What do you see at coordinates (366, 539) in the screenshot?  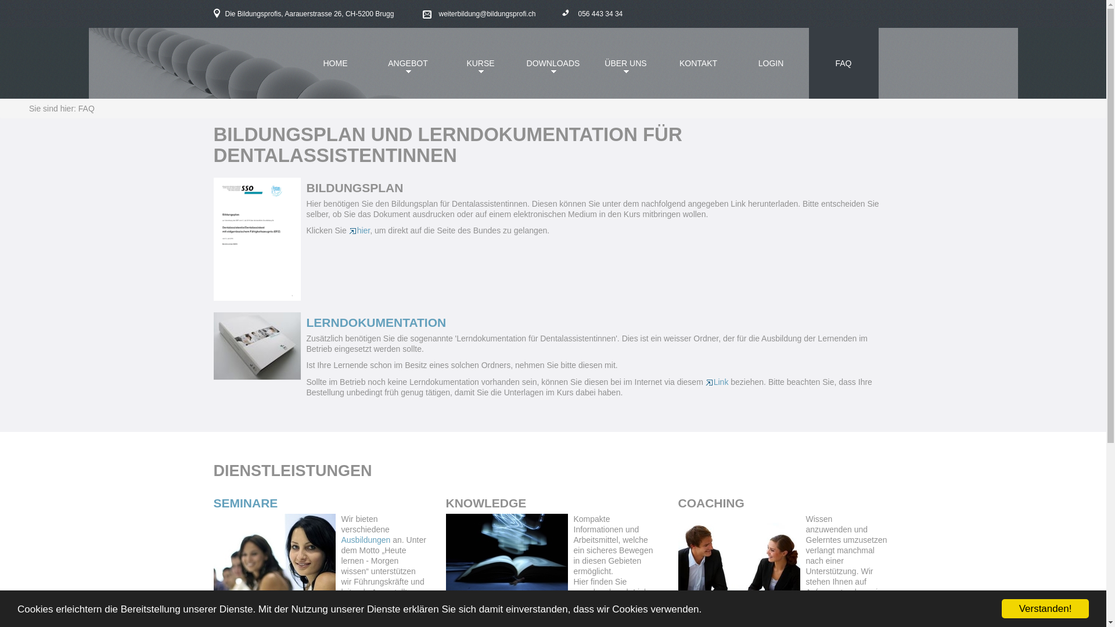 I see `'Ausbildungen'` at bounding box center [366, 539].